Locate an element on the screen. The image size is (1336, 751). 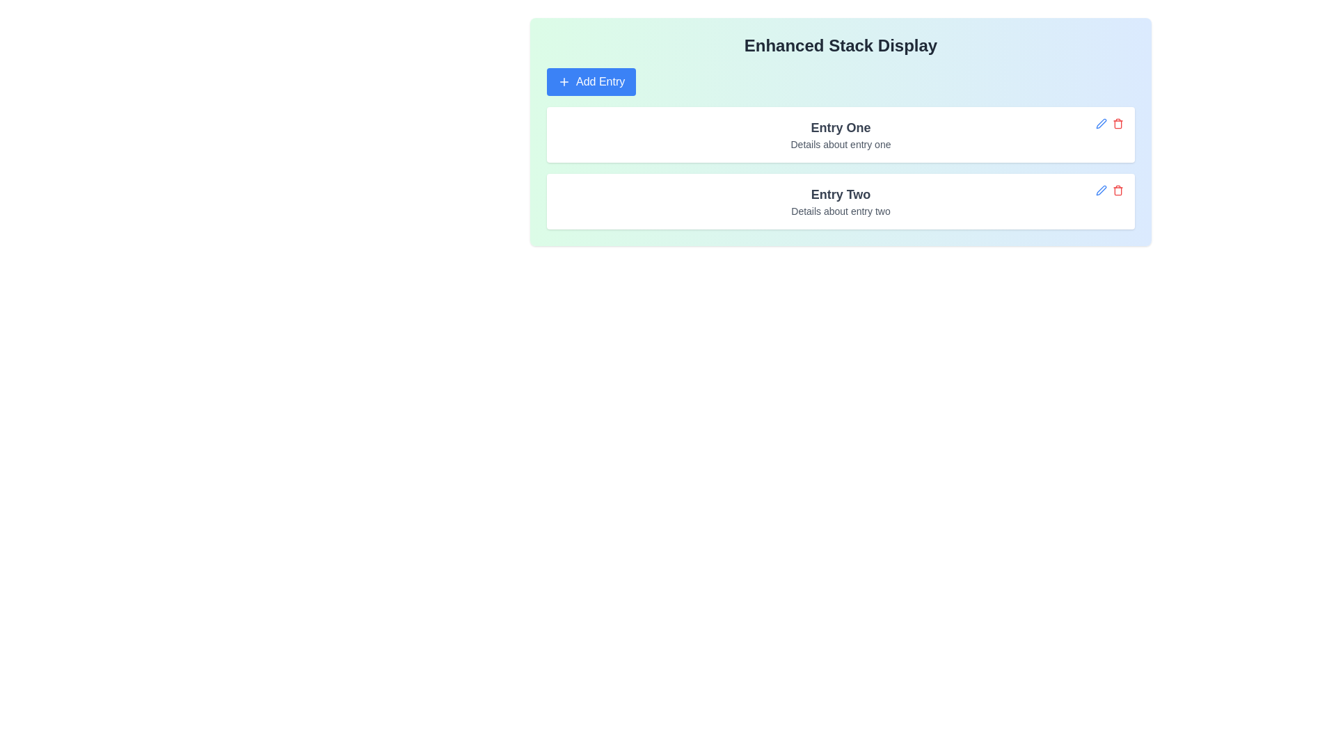
'Add Entry' label which is displayed in white font inside a rounded blue button located at the top left section of the visible form, next to a plus icon is located at coordinates (601, 82).